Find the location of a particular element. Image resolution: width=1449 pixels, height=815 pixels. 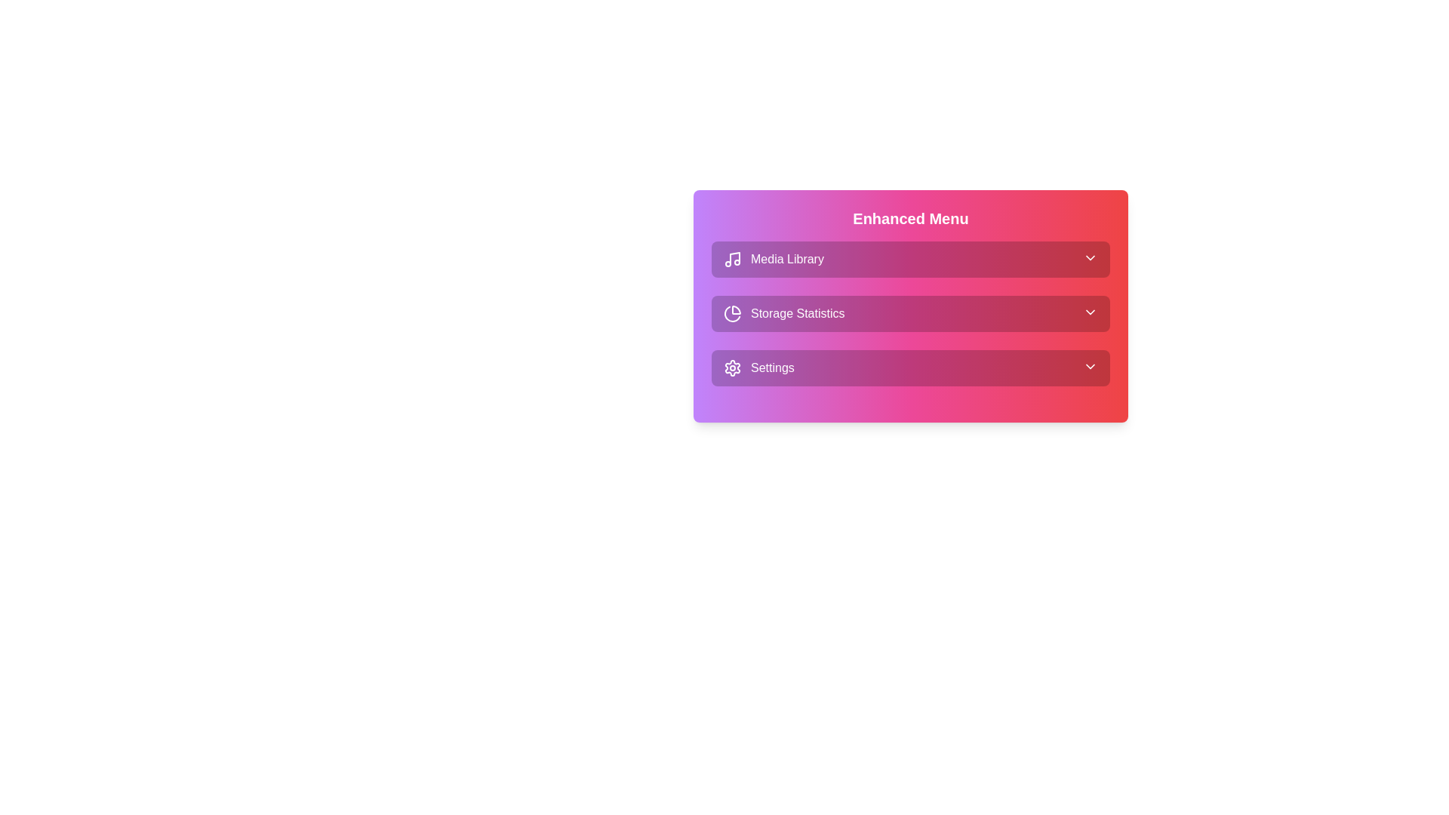

the Dropdown toggle icon, which is a downward-chevron arrow styled in white against a red background, located on the far right of the 'Settings' menu option is located at coordinates (1090, 367).